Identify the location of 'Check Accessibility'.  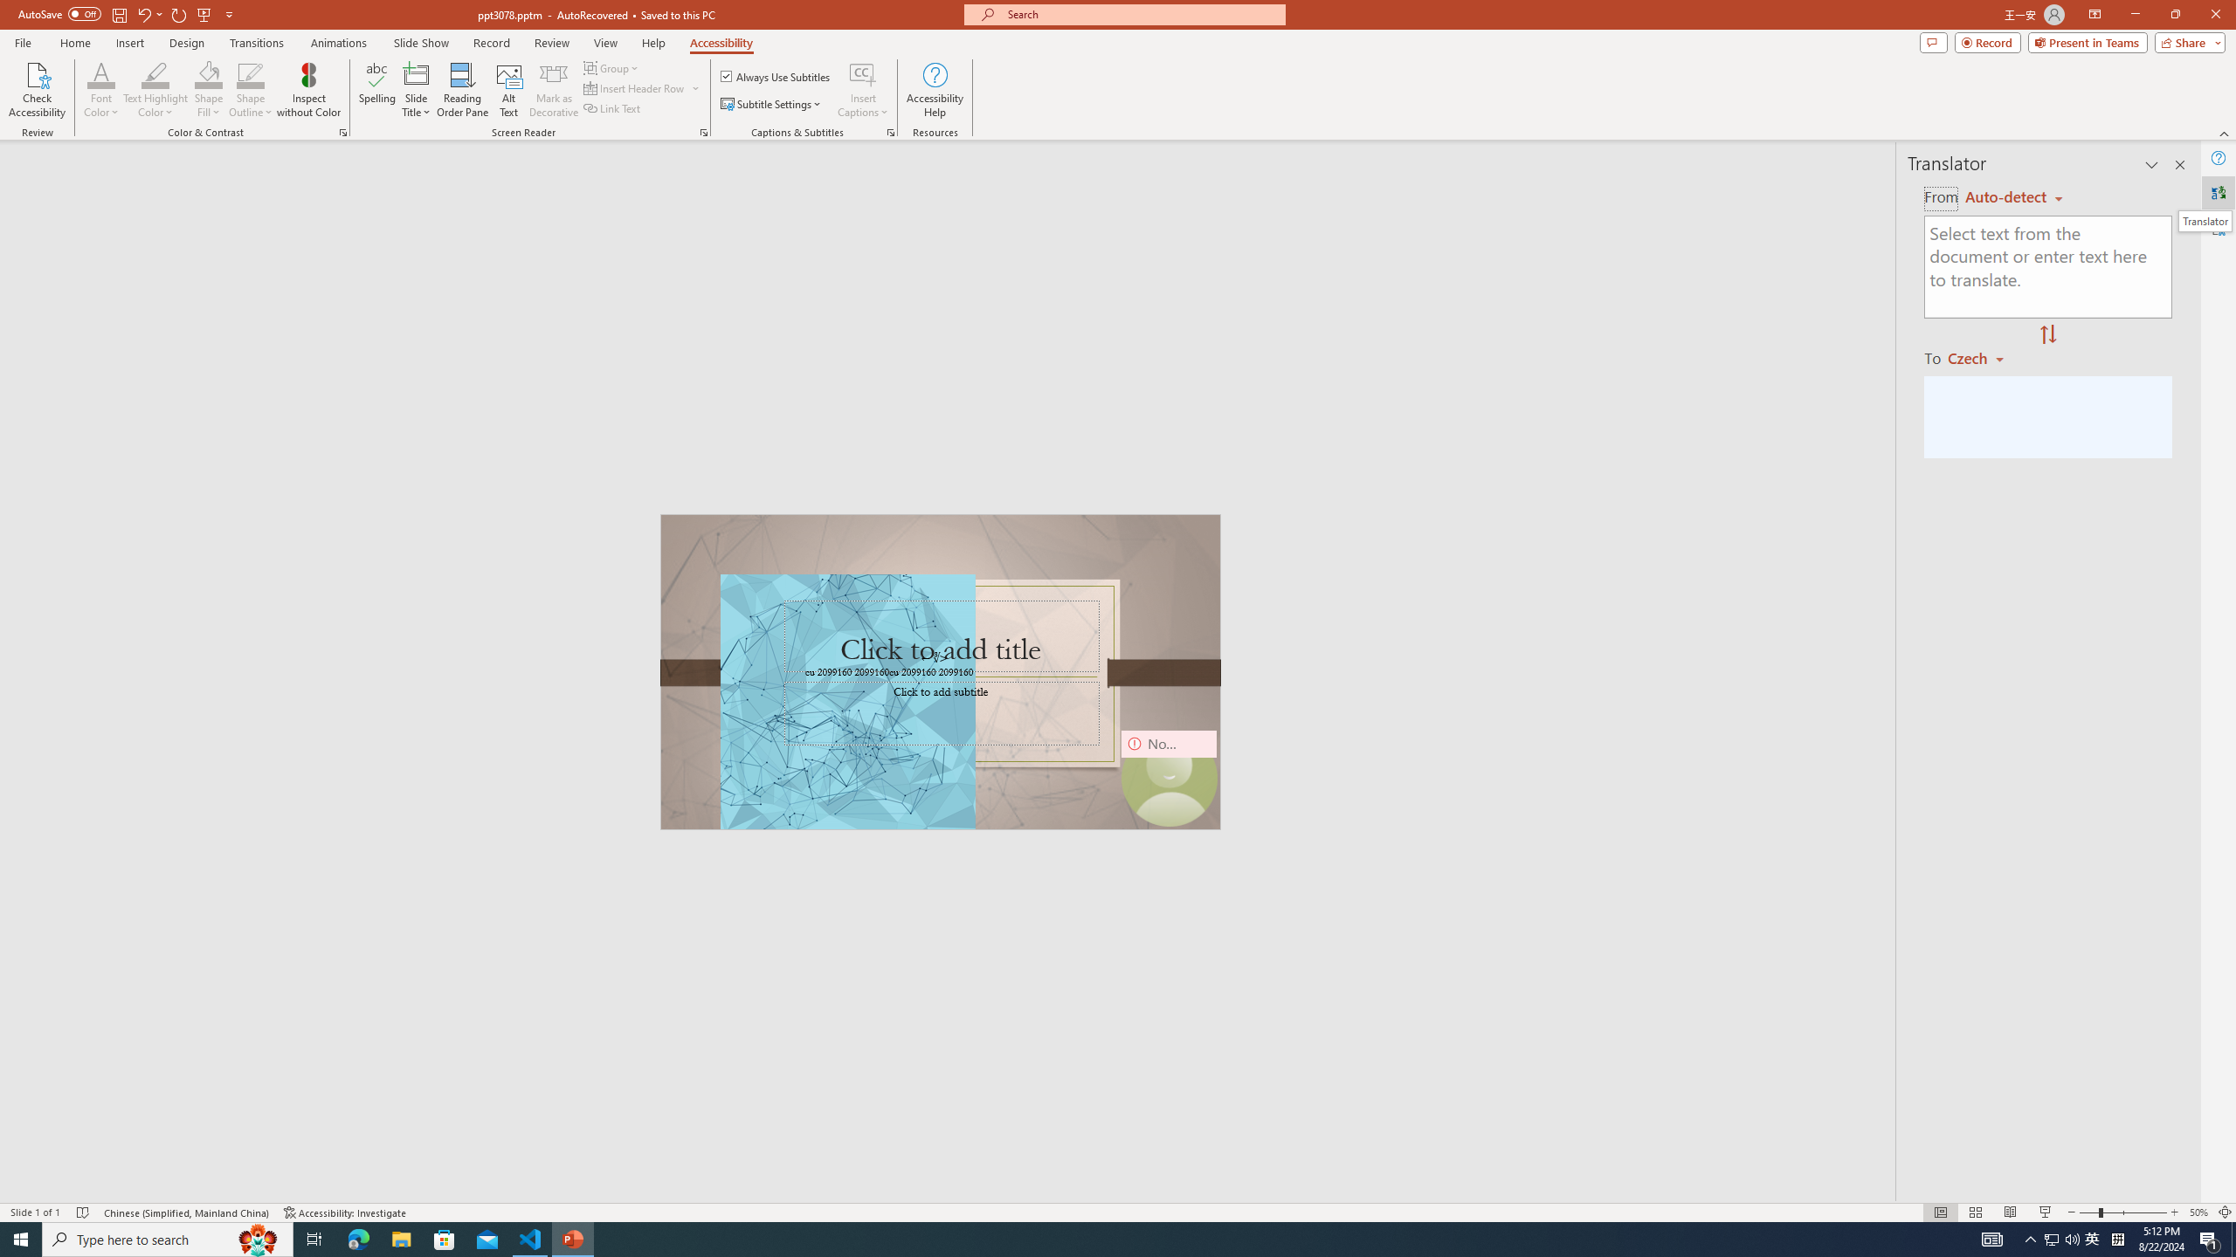
(36, 90).